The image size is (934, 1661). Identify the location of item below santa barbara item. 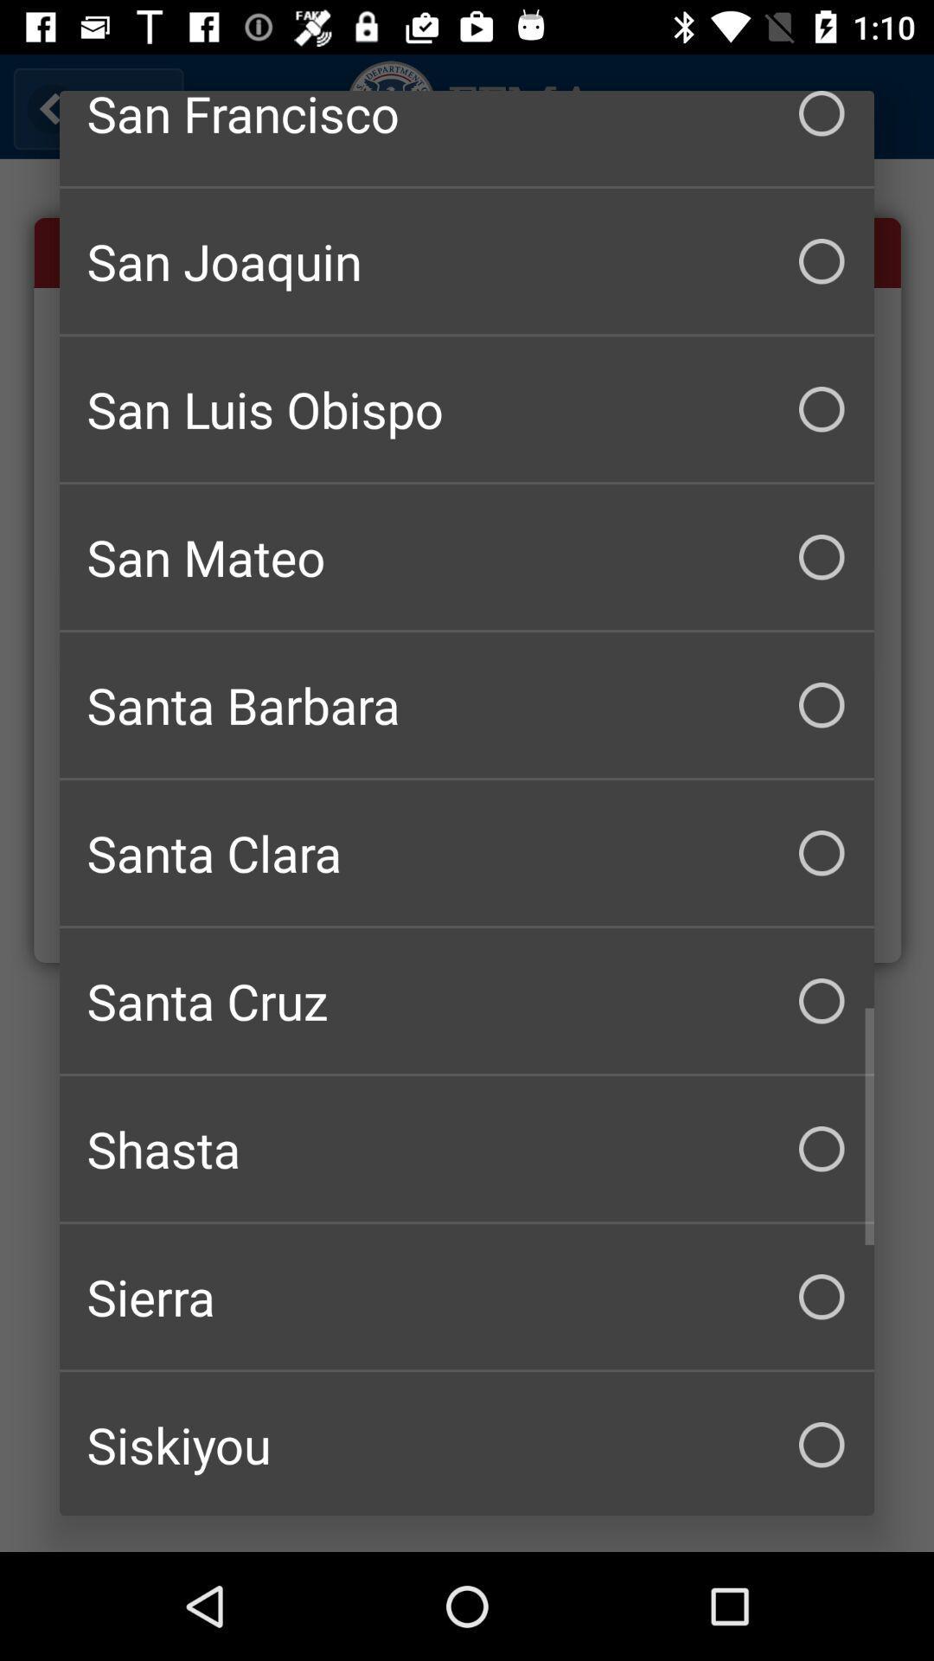
(467, 853).